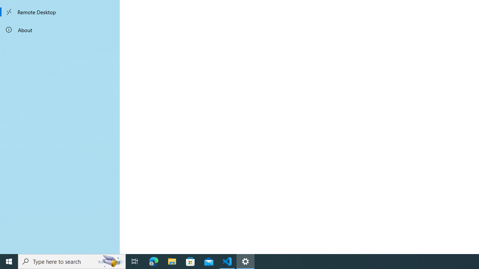 The width and height of the screenshot is (479, 269). What do you see at coordinates (245, 261) in the screenshot?
I see `'Settings - 1 running window'` at bounding box center [245, 261].